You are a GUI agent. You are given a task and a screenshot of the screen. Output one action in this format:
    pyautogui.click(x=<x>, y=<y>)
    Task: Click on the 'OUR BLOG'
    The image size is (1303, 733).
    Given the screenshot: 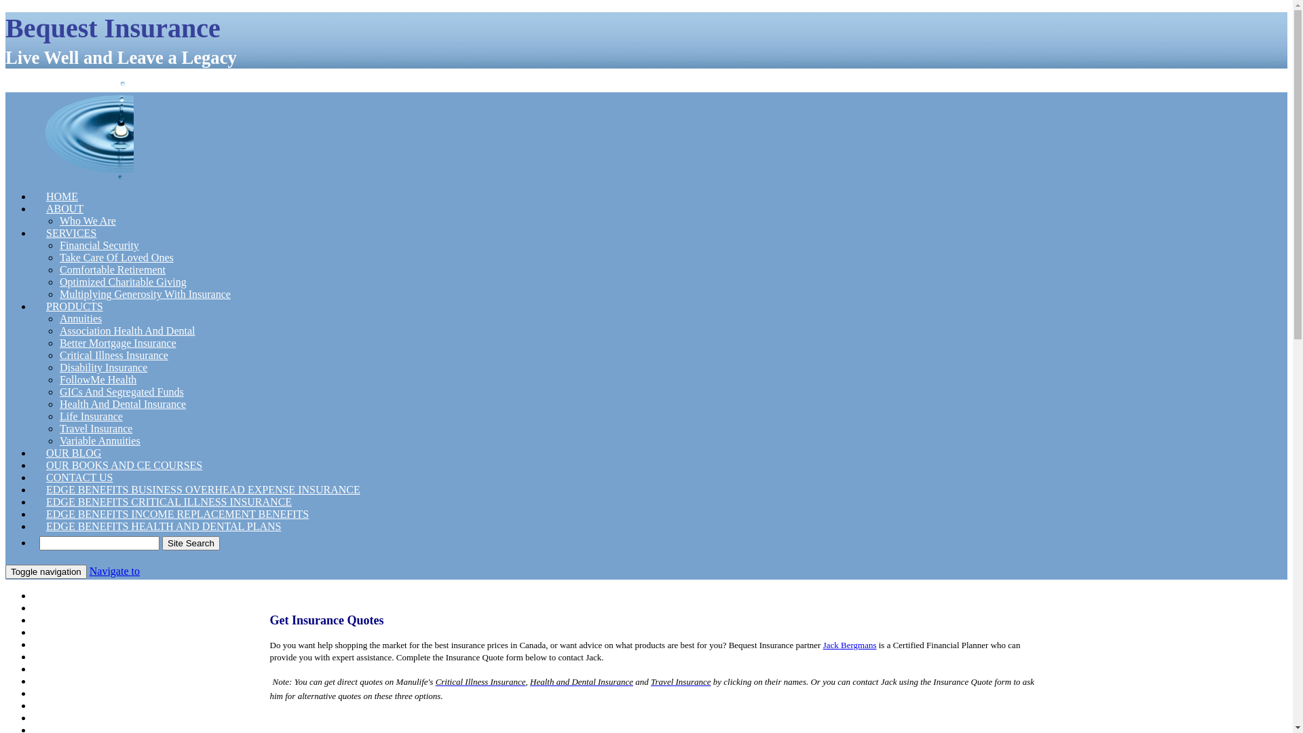 What is the action you would take?
    pyautogui.click(x=73, y=453)
    